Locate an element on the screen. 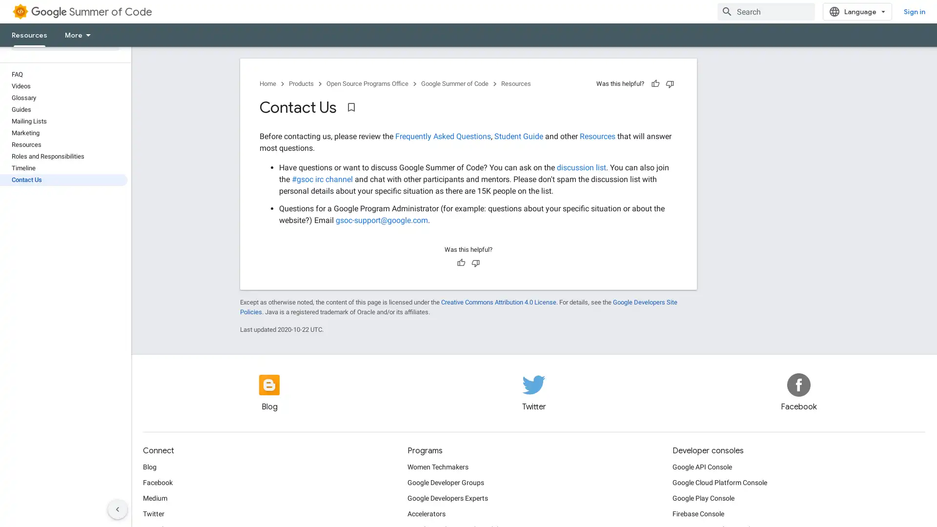  Not helpful is located at coordinates (669, 83).